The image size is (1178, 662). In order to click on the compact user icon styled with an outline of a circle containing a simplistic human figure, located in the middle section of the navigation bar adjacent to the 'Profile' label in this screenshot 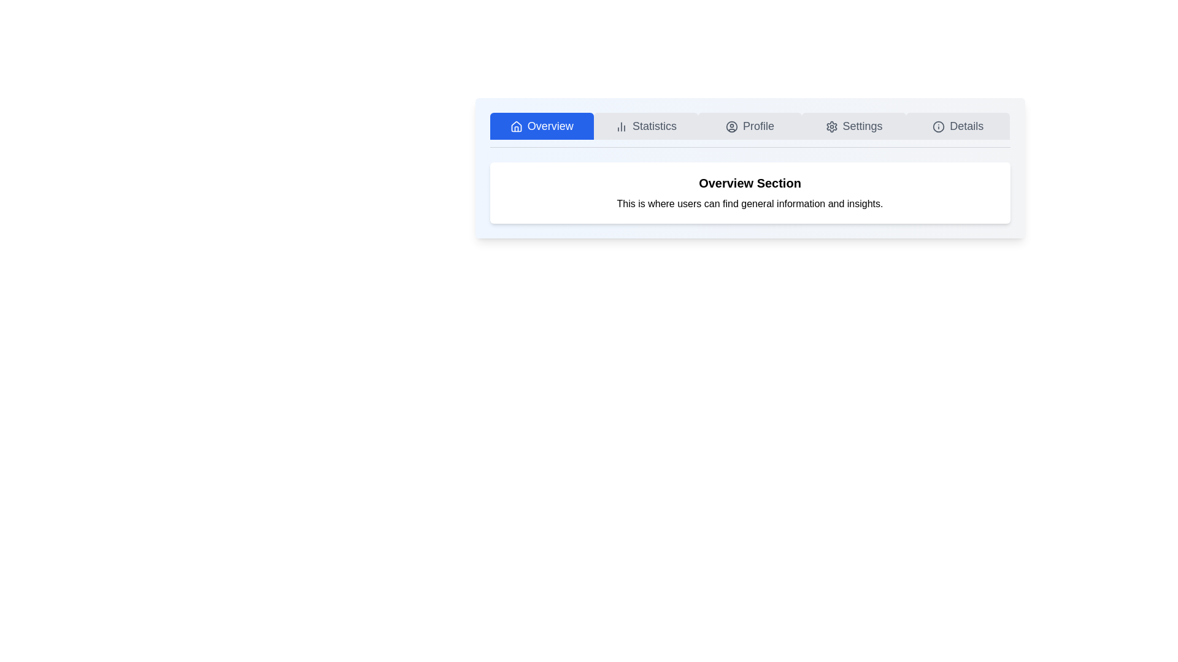, I will do `click(731, 127)`.